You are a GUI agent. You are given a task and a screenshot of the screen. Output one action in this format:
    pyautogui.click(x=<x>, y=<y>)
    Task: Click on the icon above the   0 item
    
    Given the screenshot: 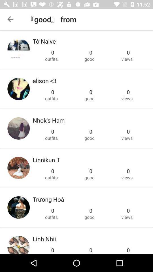 What is the action you would take?
    pyautogui.click(x=46, y=160)
    